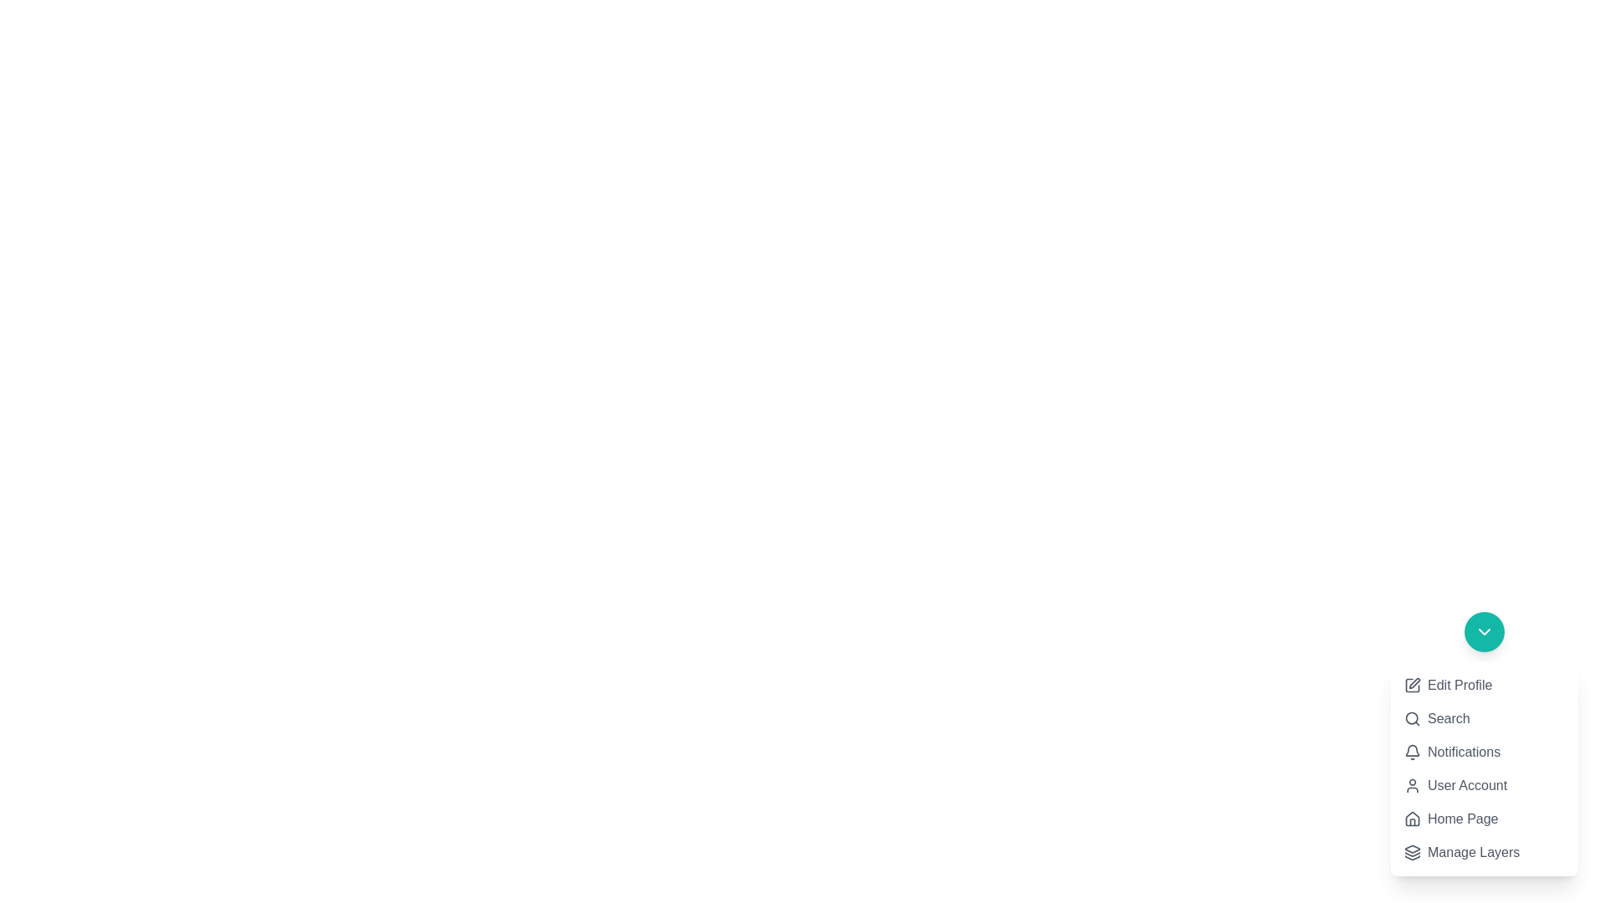  What do you see at coordinates (1411, 852) in the screenshot?
I see `the layered icon representing a stack of layers, located to the left of the 'Manage Layers' text in the dropdown menu` at bounding box center [1411, 852].